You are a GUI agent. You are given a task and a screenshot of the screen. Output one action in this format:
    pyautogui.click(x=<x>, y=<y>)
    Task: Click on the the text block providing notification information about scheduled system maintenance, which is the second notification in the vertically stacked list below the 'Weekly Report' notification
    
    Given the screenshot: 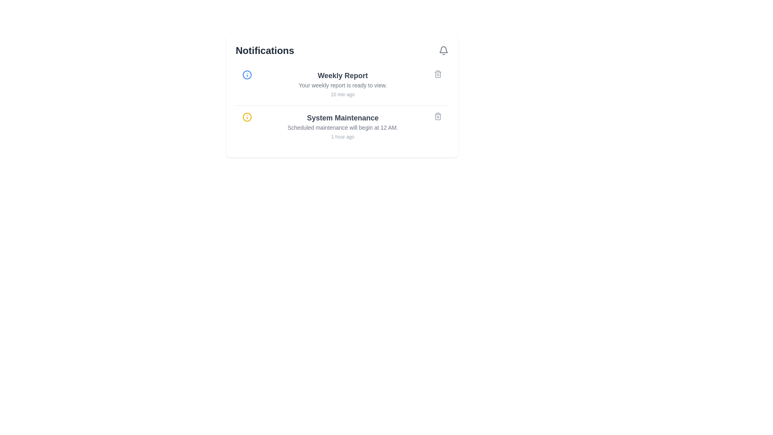 What is the action you would take?
    pyautogui.click(x=343, y=127)
    